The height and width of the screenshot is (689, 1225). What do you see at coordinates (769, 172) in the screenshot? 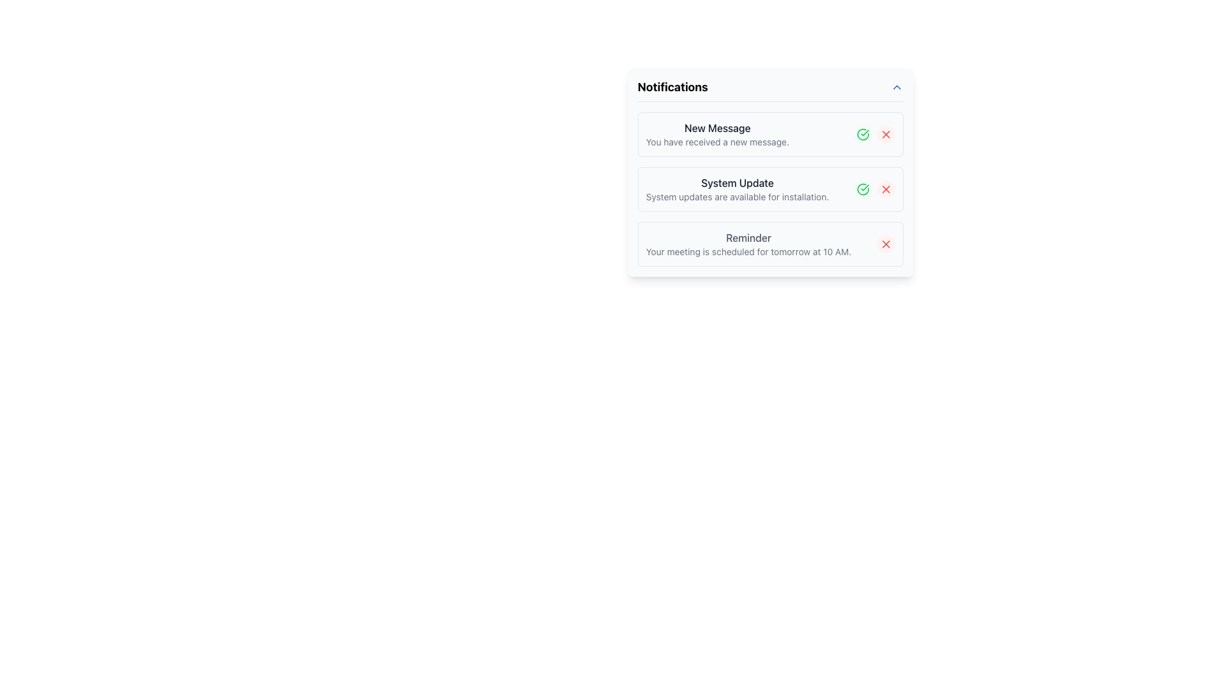
I see `the 'System Update' notification` at bounding box center [769, 172].